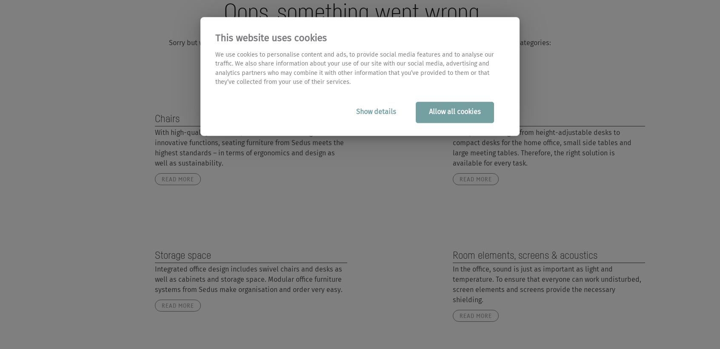  What do you see at coordinates (376, 112) in the screenshot?
I see `'Show details'` at bounding box center [376, 112].